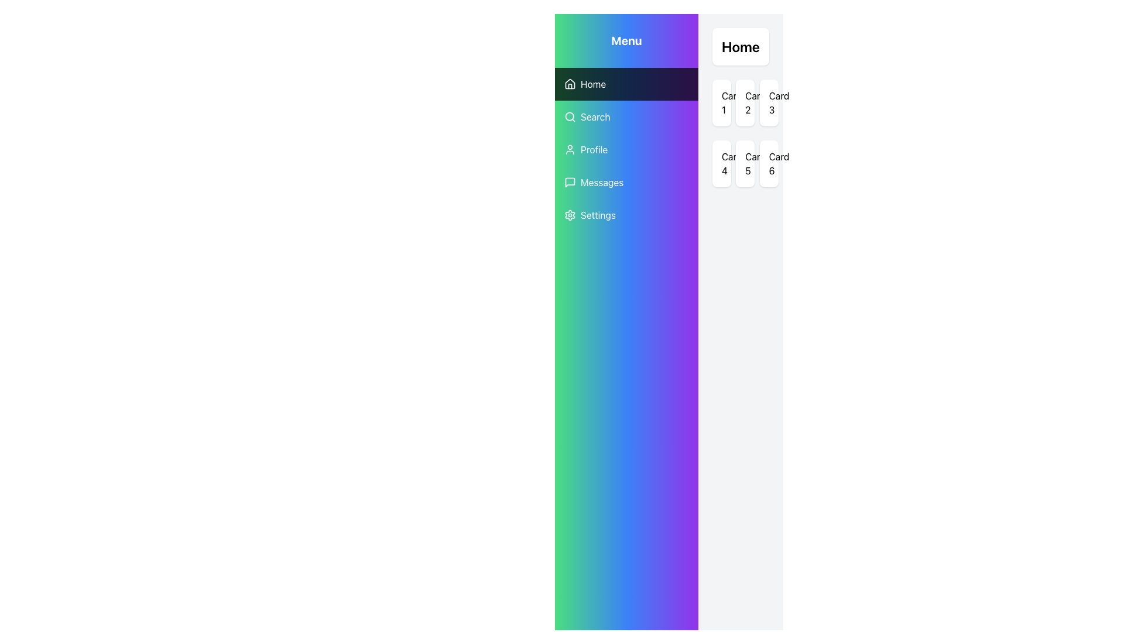 The width and height of the screenshot is (1124, 632). Describe the element at coordinates (593, 83) in the screenshot. I see `text label displaying 'Home' in the sidebar menu next to the house icon` at that location.